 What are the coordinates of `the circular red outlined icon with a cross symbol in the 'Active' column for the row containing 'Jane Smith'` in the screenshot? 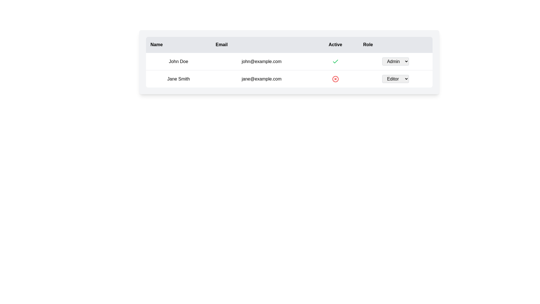 It's located at (335, 79).